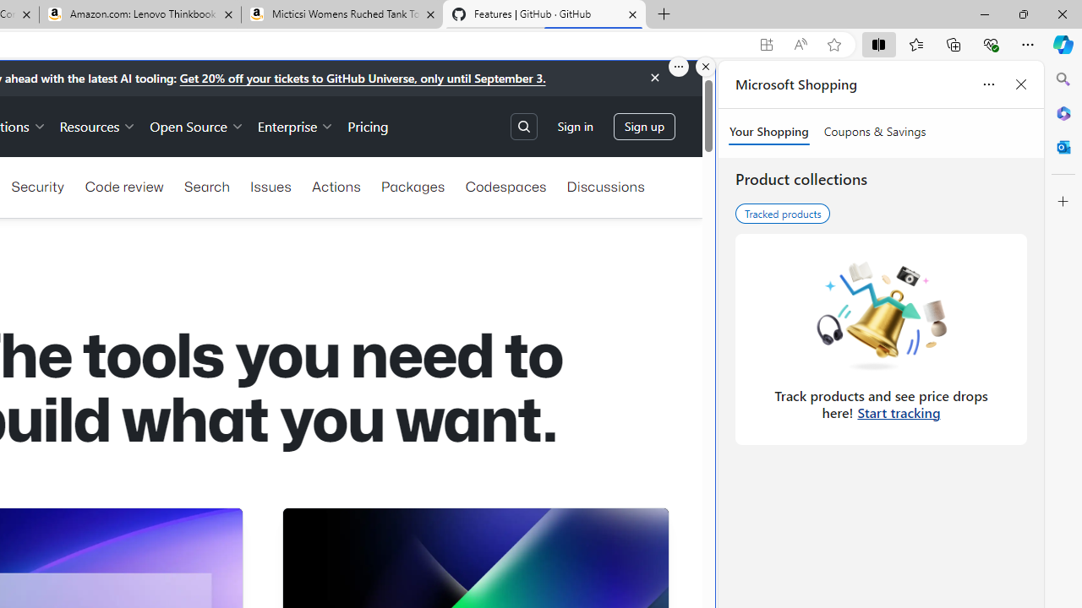  What do you see at coordinates (413, 187) in the screenshot?
I see `'Packages'` at bounding box center [413, 187].